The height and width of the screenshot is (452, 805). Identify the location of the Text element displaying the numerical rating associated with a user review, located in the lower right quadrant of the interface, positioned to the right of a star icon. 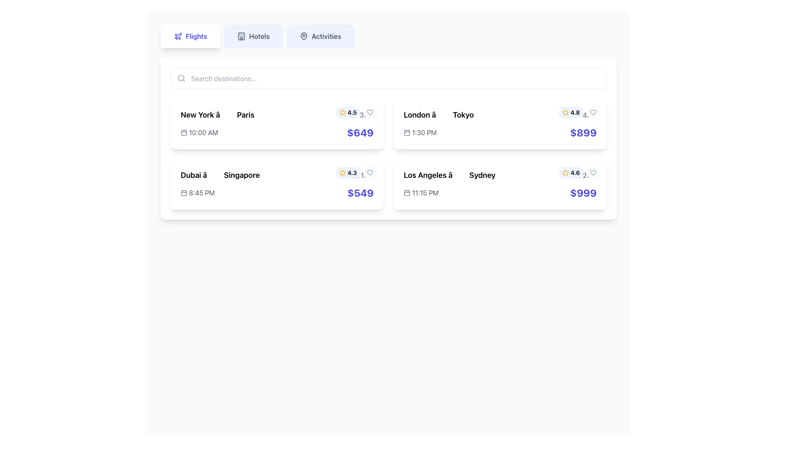
(575, 172).